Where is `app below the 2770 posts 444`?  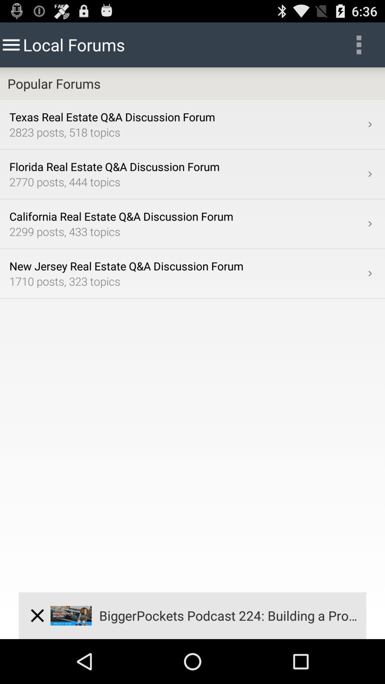 app below the 2770 posts 444 is located at coordinates (369, 223).